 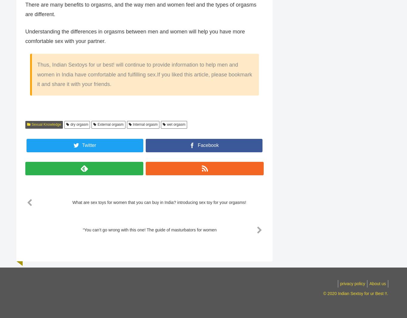 I want to click on 'About us', so click(x=376, y=284).